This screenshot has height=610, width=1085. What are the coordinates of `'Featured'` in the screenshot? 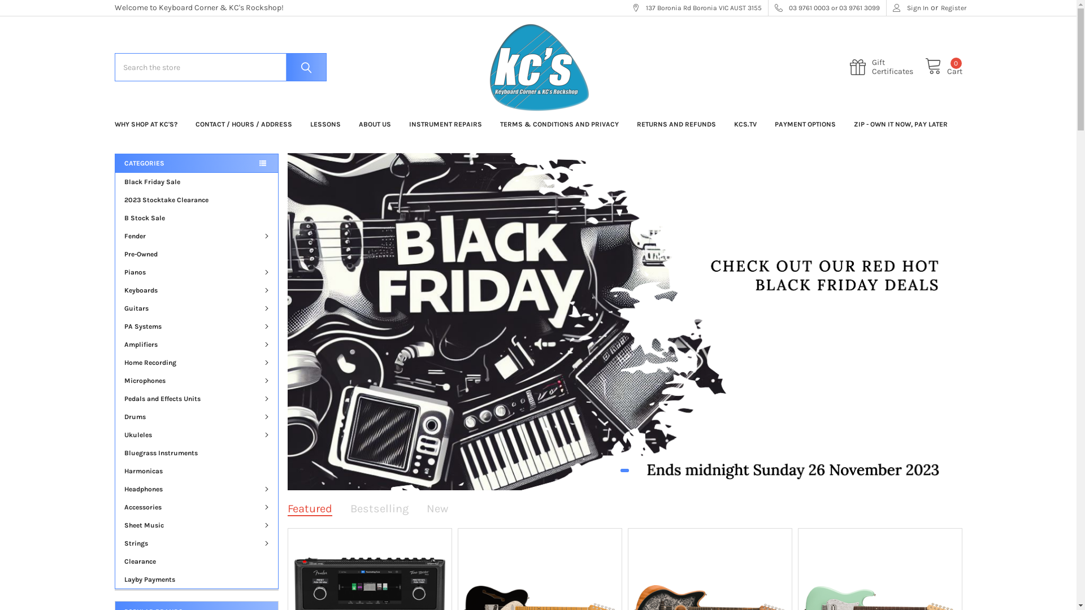 It's located at (287, 508).